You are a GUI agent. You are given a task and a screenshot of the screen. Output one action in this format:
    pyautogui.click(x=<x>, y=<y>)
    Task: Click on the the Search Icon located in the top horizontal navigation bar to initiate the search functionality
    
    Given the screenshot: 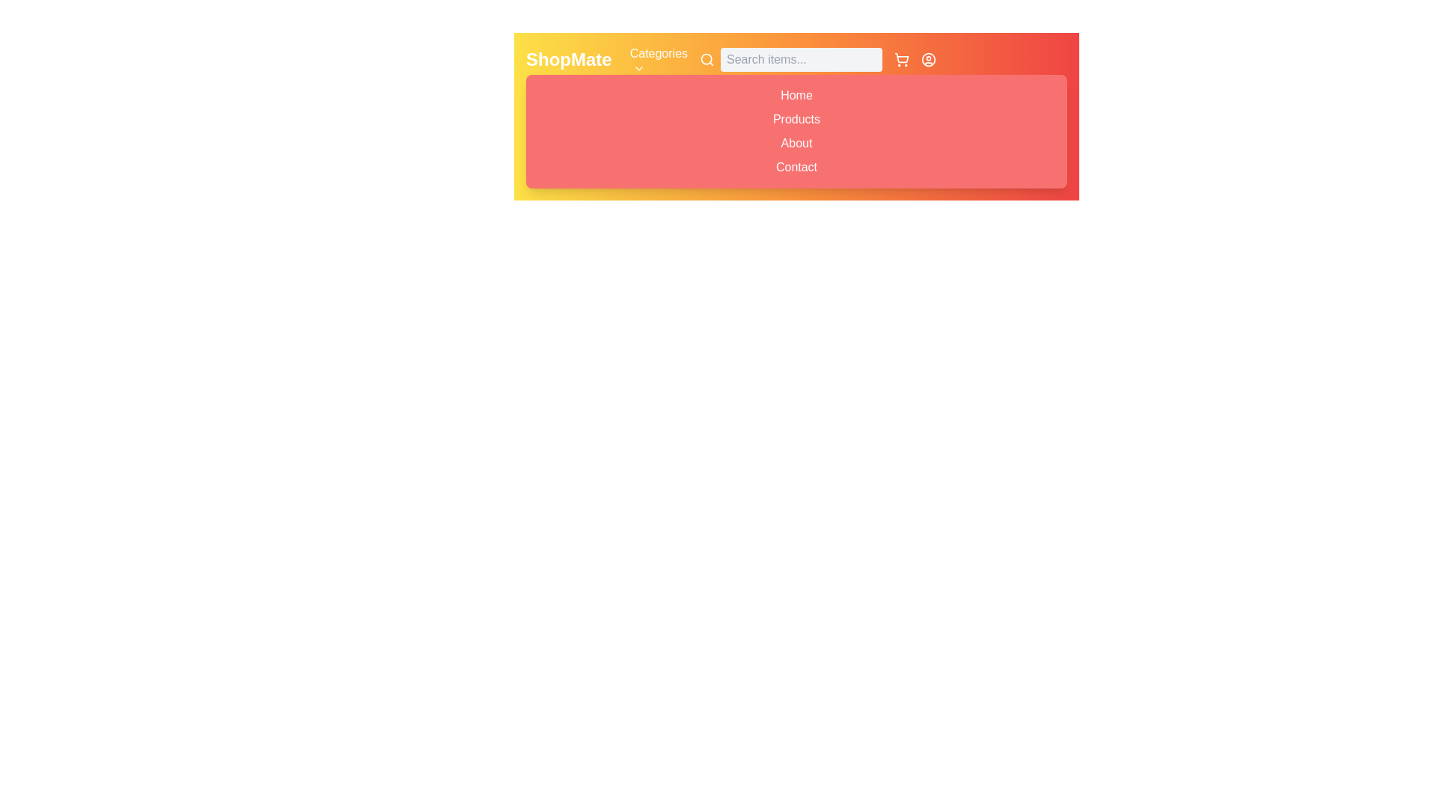 What is the action you would take?
    pyautogui.click(x=707, y=59)
    